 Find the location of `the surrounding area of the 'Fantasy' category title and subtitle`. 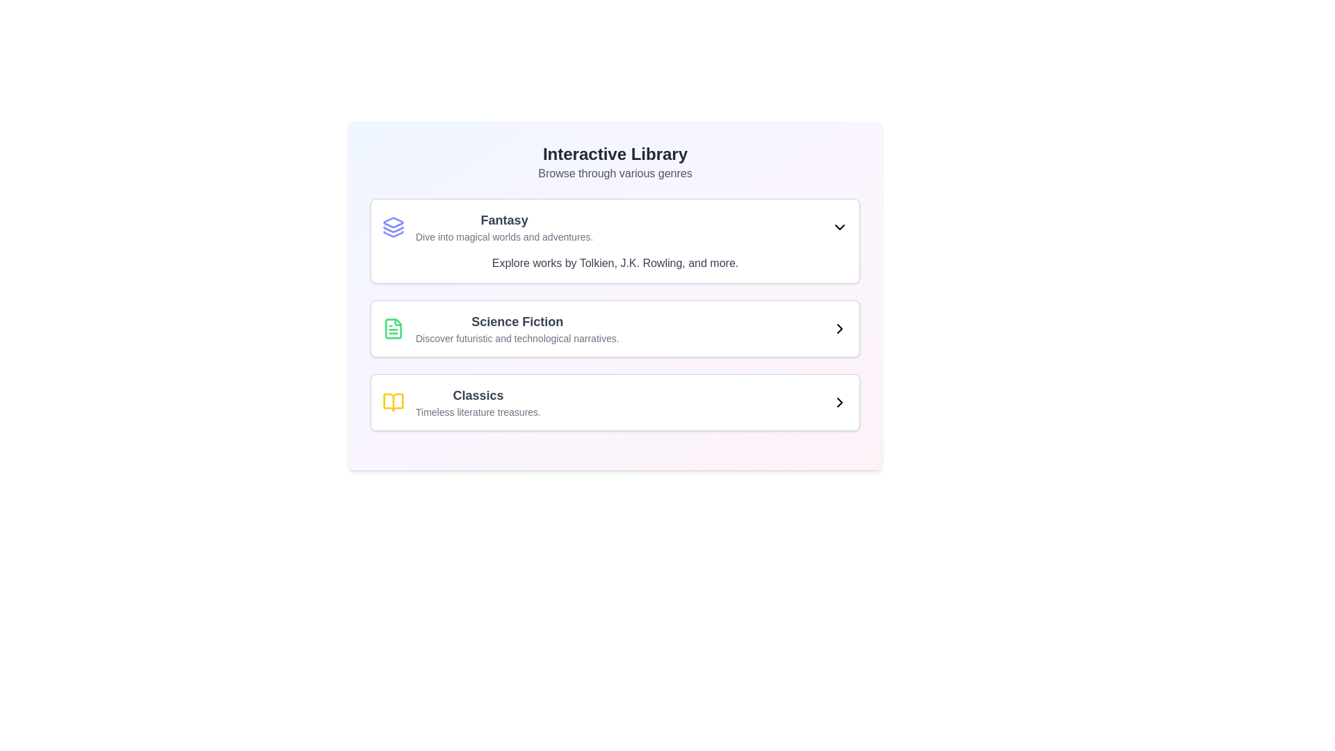

the surrounding area of the 'Fantasy' category title and subtitle is located at coordinates (503, 227).